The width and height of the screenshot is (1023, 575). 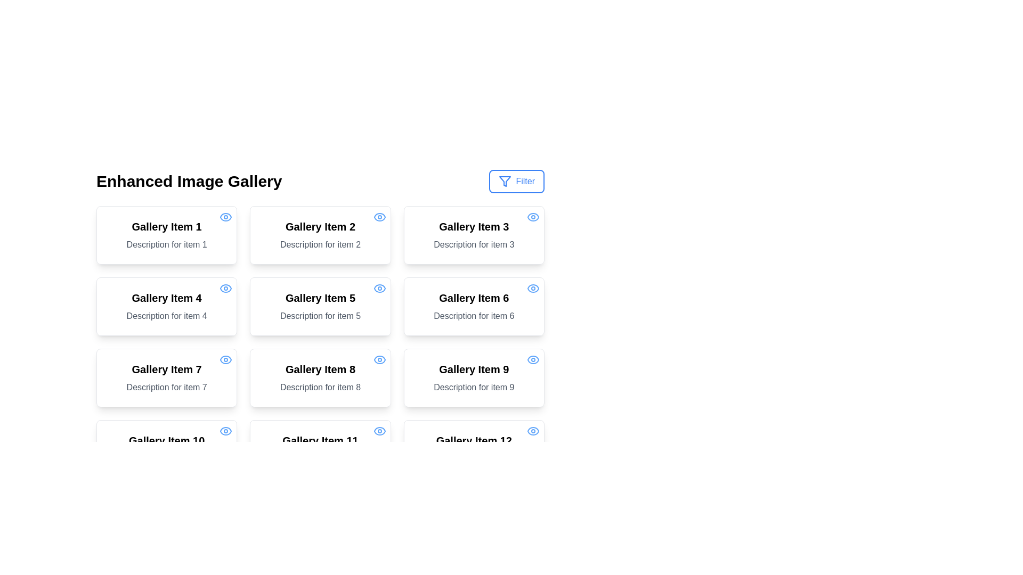 What do you see at coordinates (320, 226) in the screenshot?
I see `the text label displaying 'Gallery Item 2', which is styled in bold and larger font, located in the upper row, second column of the 'Enhanced Image Gallery' grid layout` at bounding box center [320, 226].